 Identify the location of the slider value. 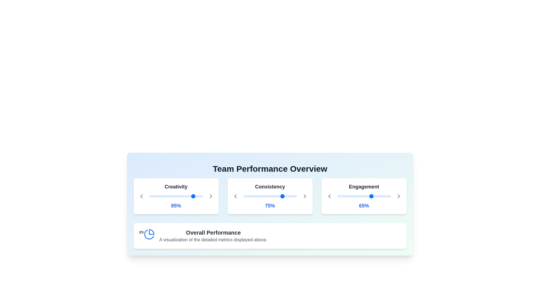
(170, 196).